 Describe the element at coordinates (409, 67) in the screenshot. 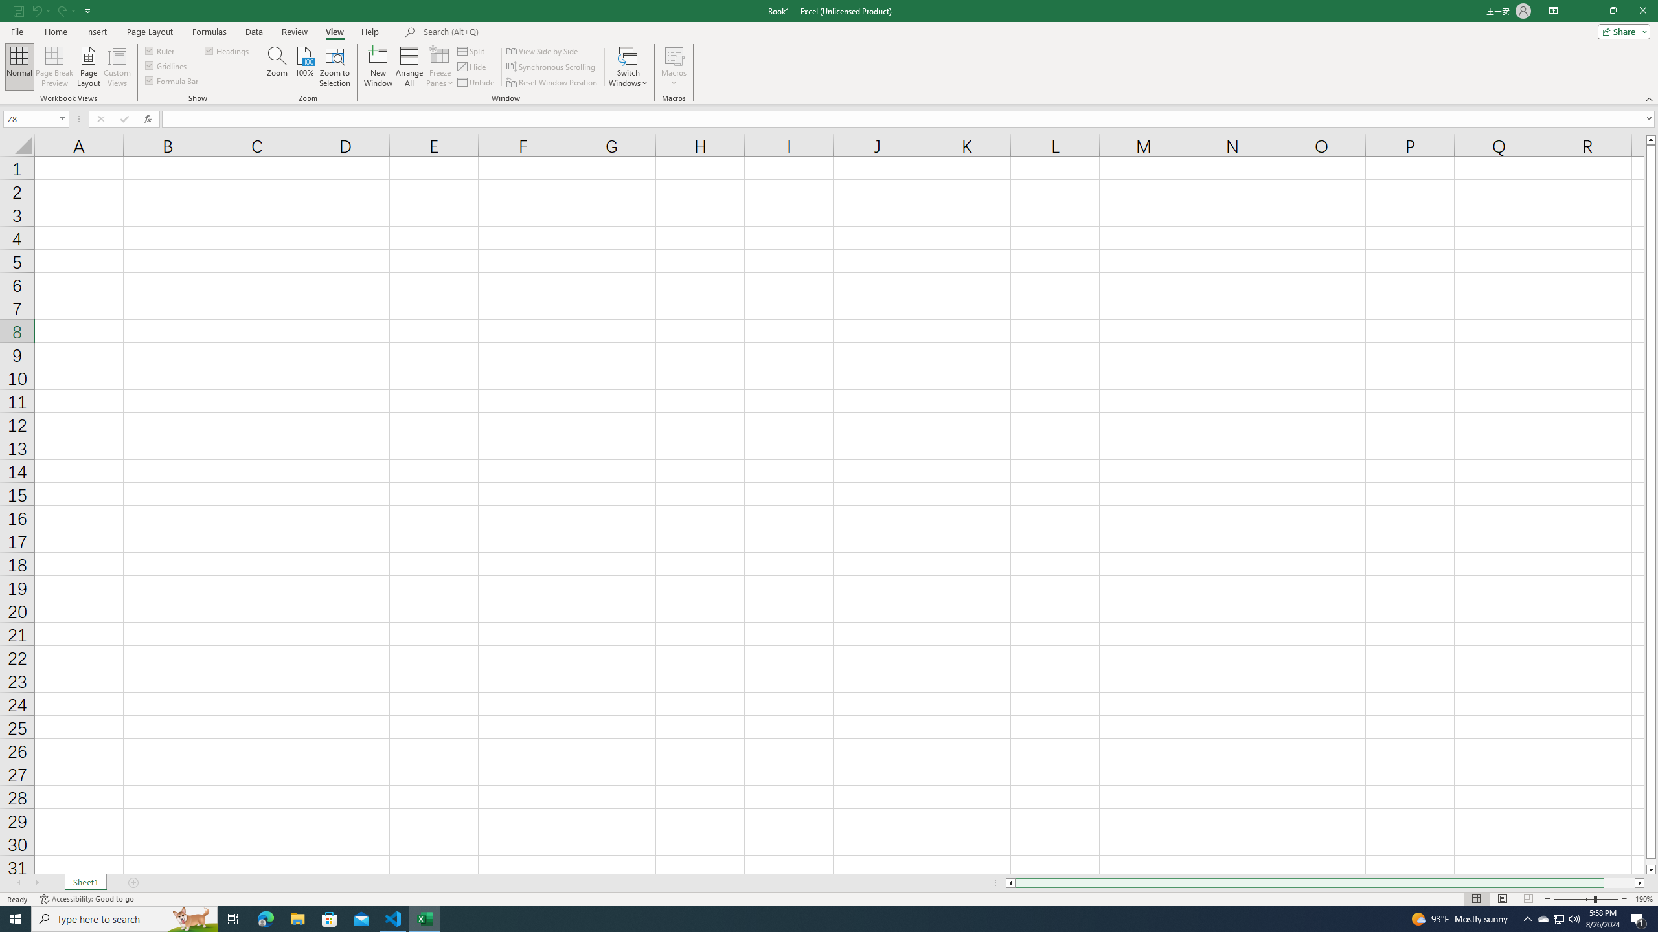

I see `'Arrange All'` at that location.